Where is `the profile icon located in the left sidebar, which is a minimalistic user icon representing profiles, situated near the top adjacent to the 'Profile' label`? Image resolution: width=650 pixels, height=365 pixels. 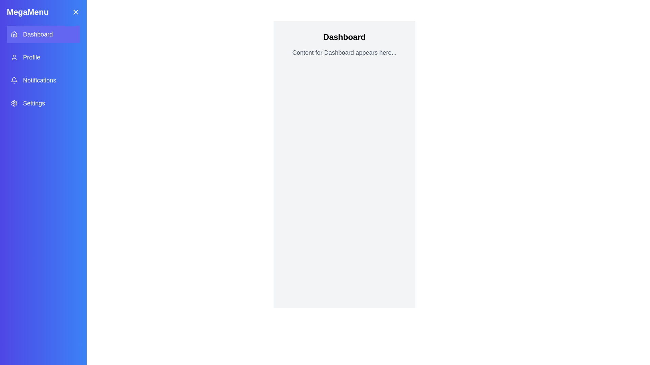
the profile icon located in the left sidebar, which is a minimalistic user icon representing profiles, situated near the top adjacent to the 'Profile' label is located at coordinates (14, 57).